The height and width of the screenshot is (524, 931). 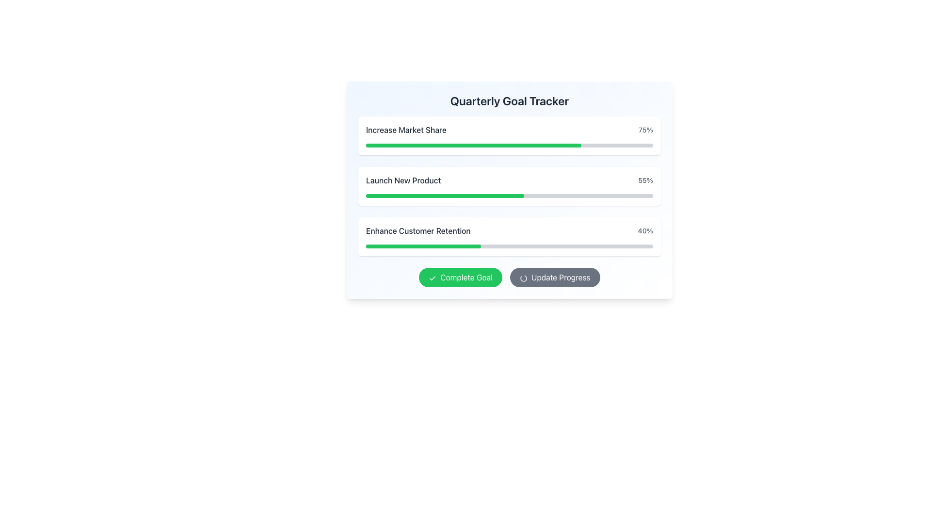 I want to click on the filled portion of the progress bar in the 'Enhance Customer Retention' tracker, which is a green horizontally elongated rectangle indicating progress, so click(x=423, y=246).